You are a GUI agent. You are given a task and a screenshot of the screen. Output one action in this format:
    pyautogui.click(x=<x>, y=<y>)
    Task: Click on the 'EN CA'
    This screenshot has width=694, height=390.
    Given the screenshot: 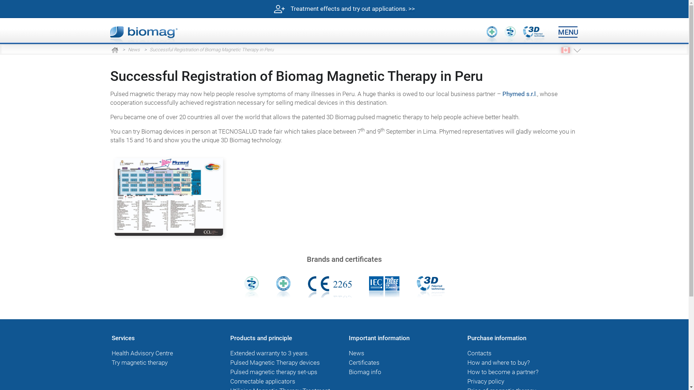 What is the action you would take?
    pyautogui.click(x=565, y=49)
    